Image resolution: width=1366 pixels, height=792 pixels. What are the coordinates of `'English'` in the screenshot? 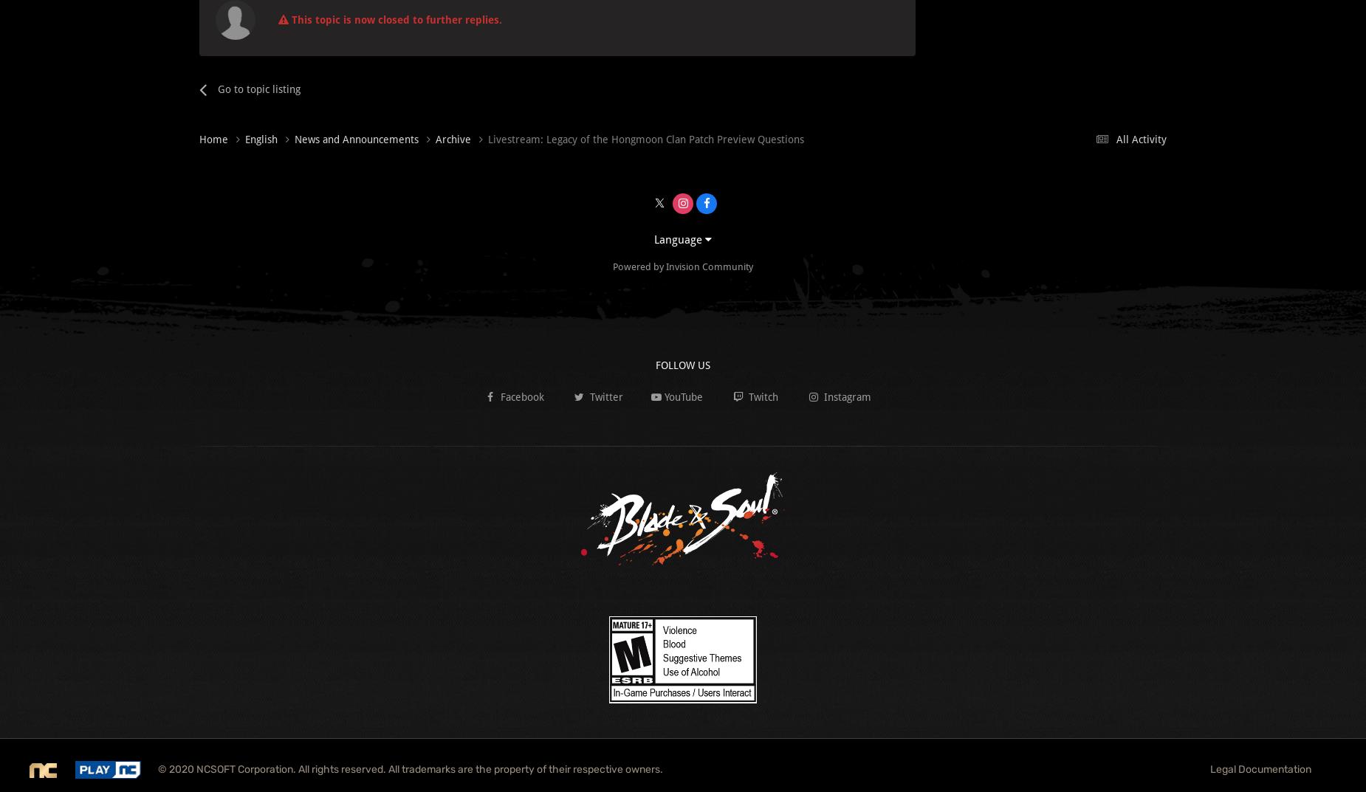 It's located at (261, 138).